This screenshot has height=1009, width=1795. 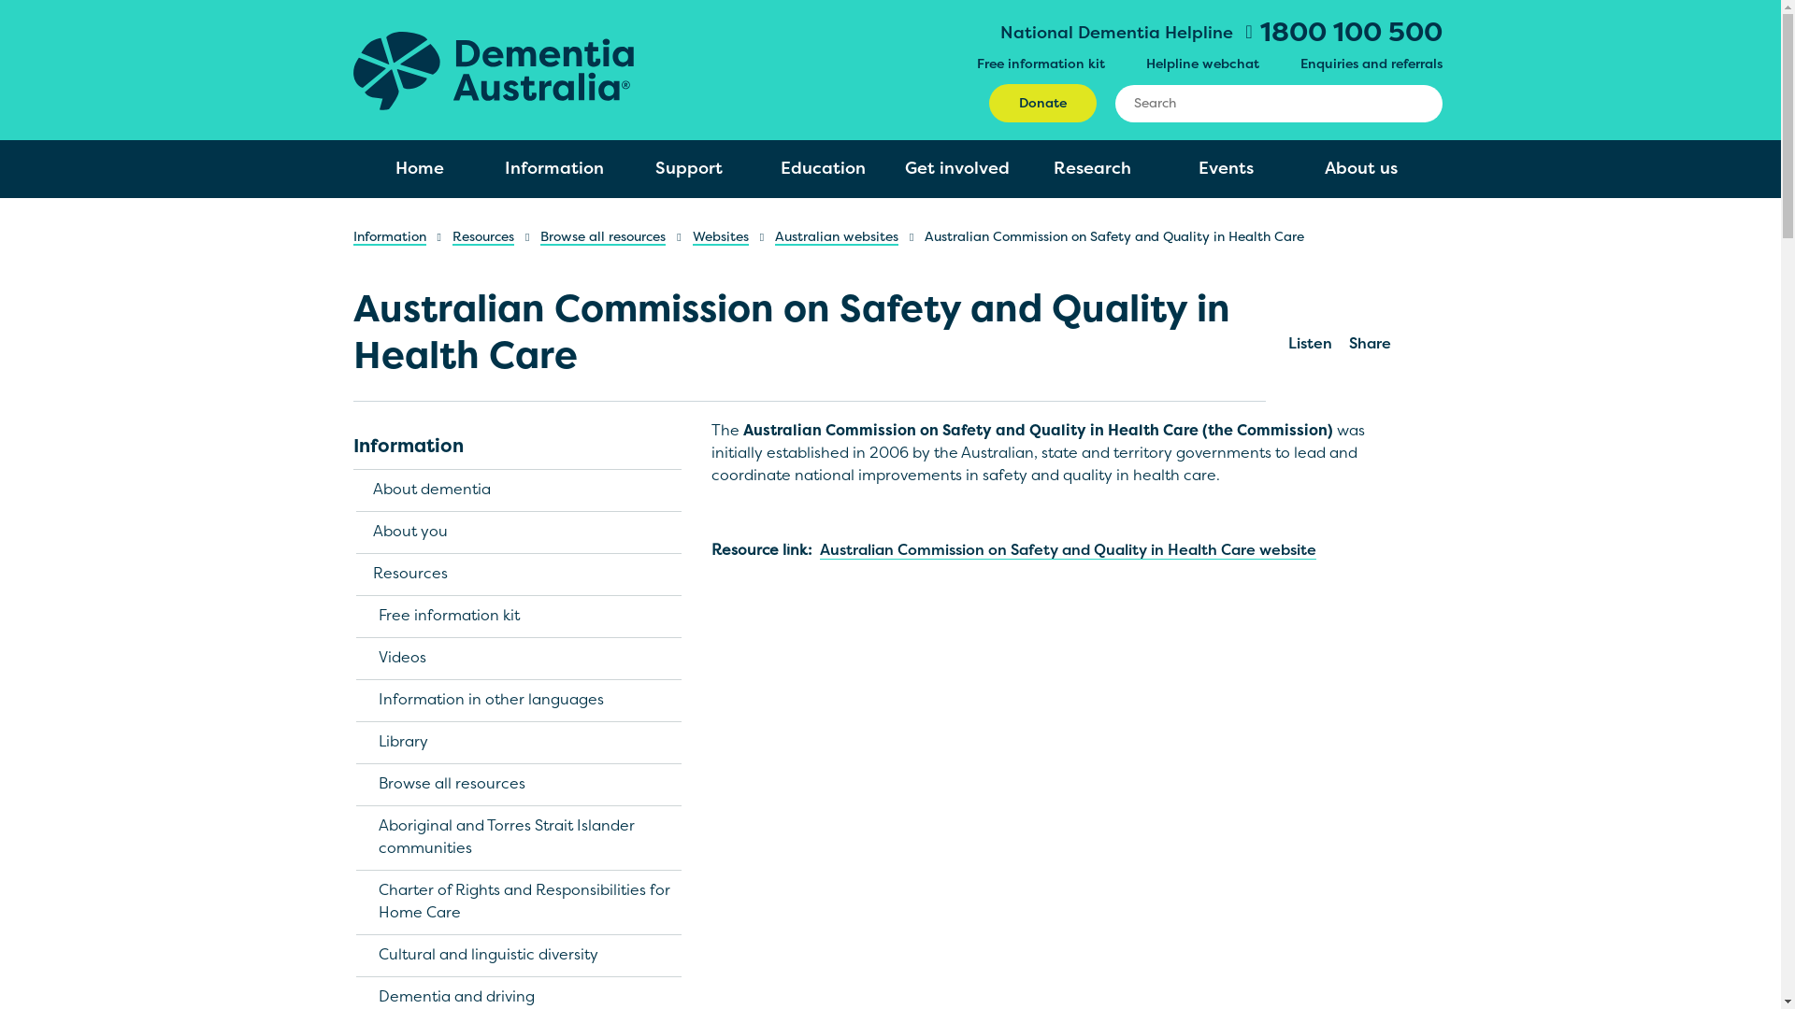 I want to click on 'Support', so click(x=622, y=169).